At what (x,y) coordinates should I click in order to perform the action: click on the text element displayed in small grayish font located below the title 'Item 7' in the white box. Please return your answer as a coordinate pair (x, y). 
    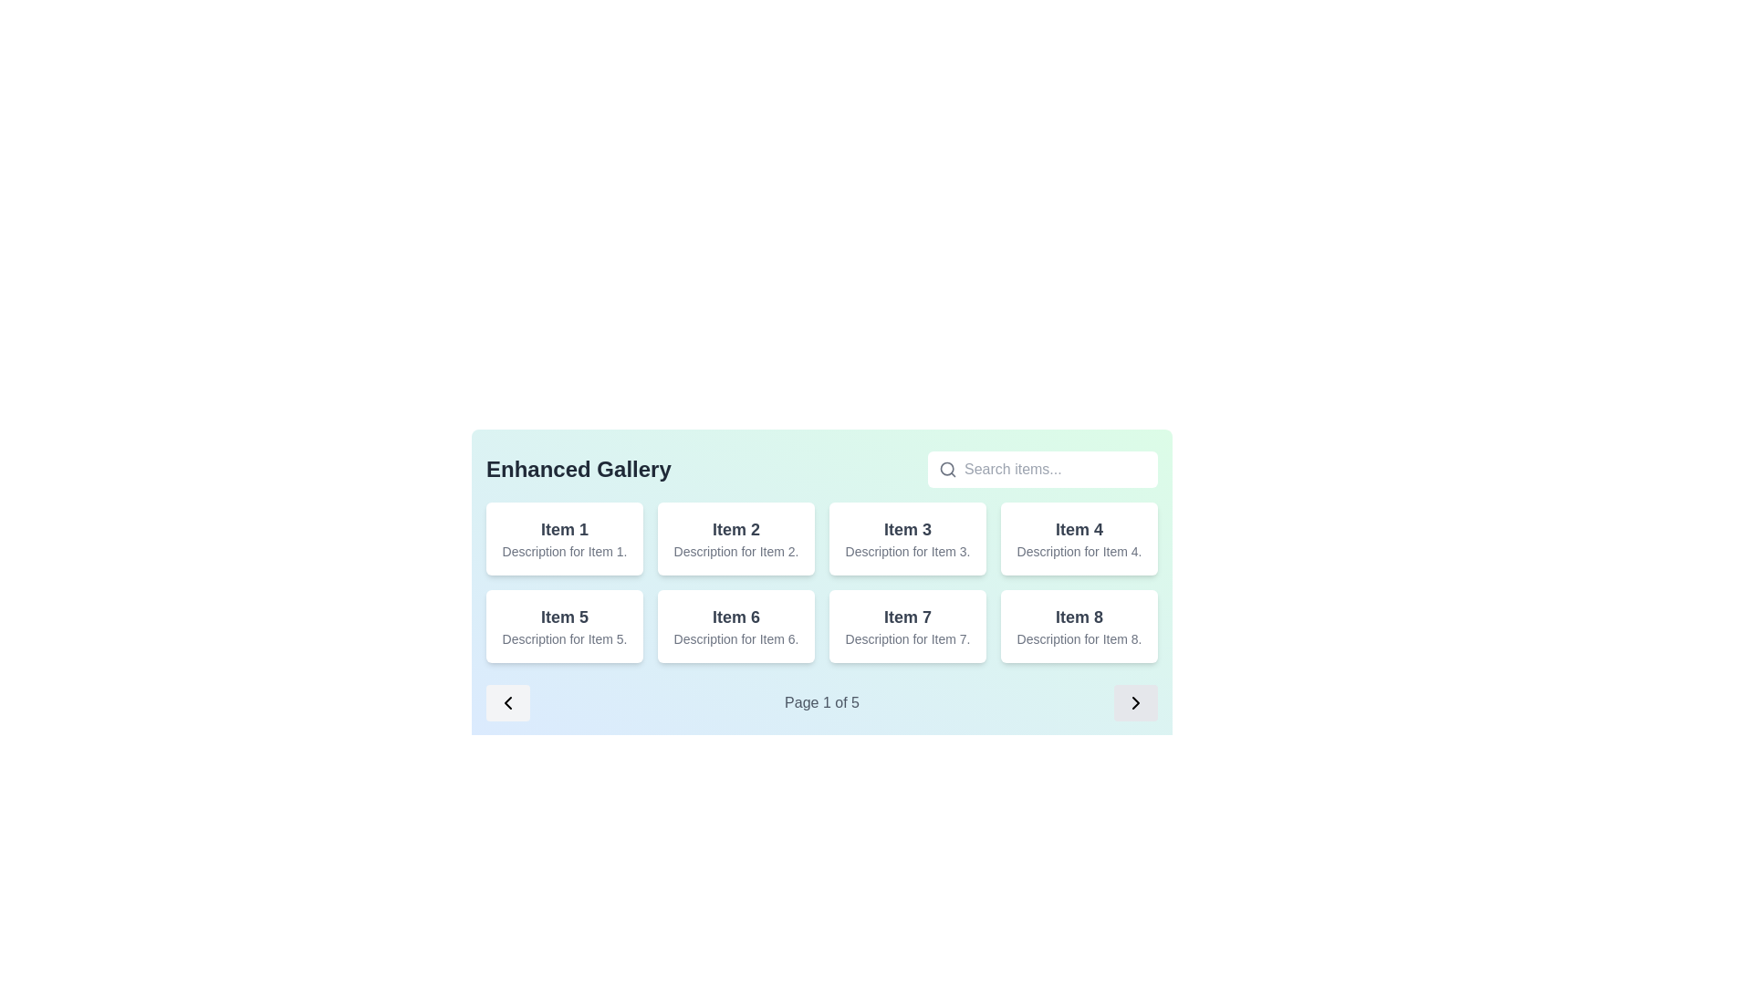
    Looking at the image, I should click on (907, 638).